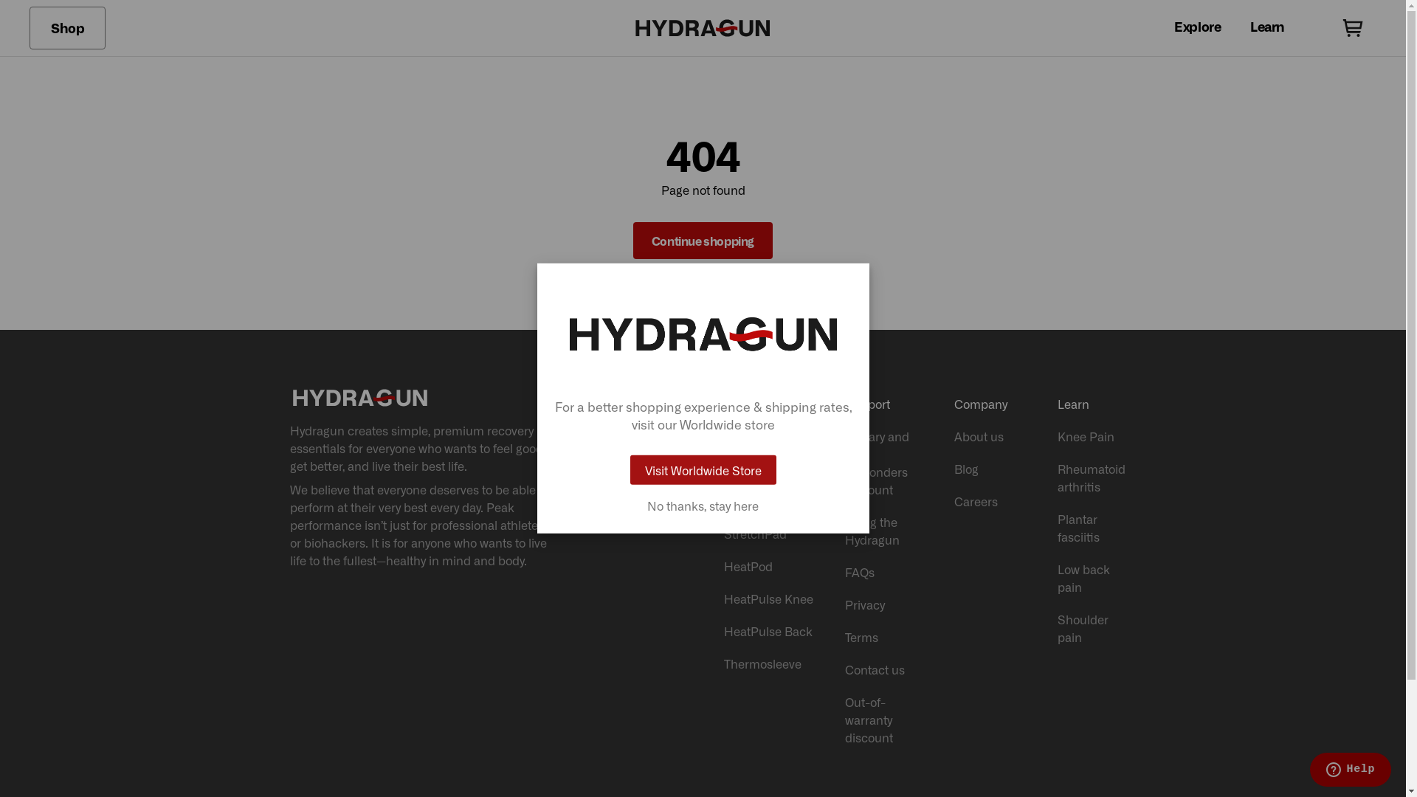  What do you see at coordinates (1094, 526) in the screenshot?
I see `'Plantar fasciitis'` at bounding box center [1094, 526].